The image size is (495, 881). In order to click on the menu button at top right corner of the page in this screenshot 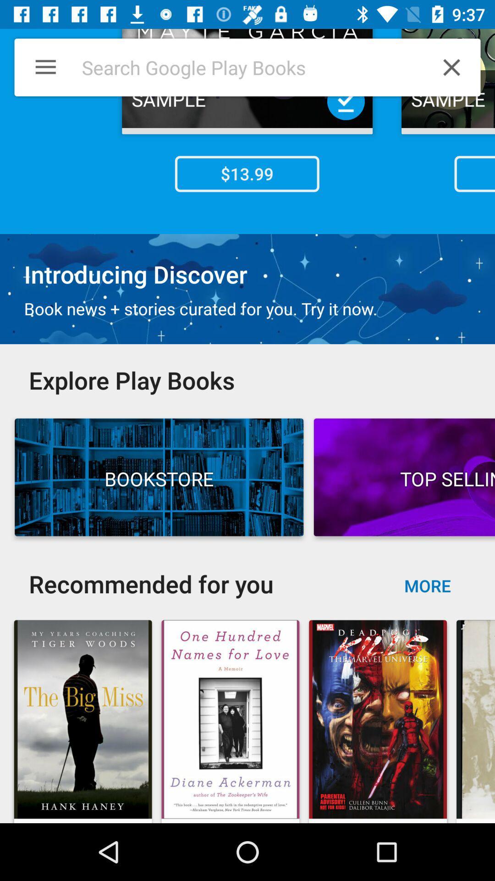, I will do `click(38, 67)`.